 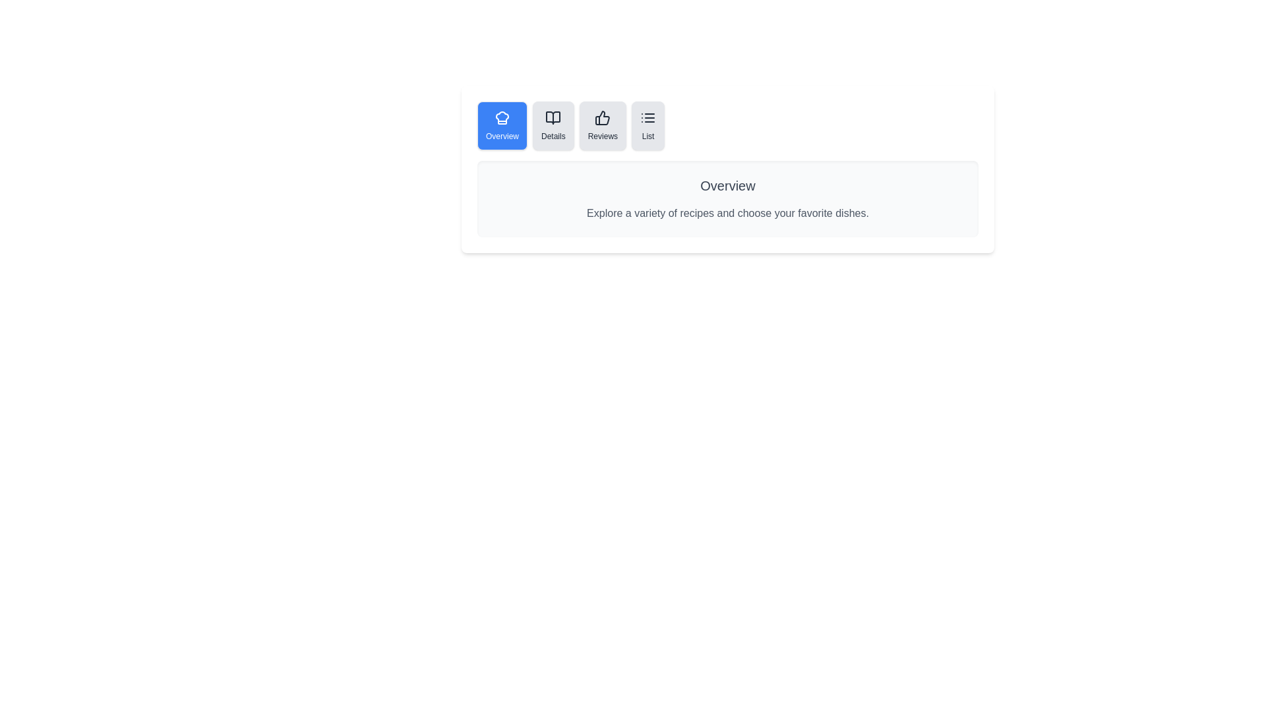 I want to click on the Overview tab by clicking its button, so click(x=502, y=126).